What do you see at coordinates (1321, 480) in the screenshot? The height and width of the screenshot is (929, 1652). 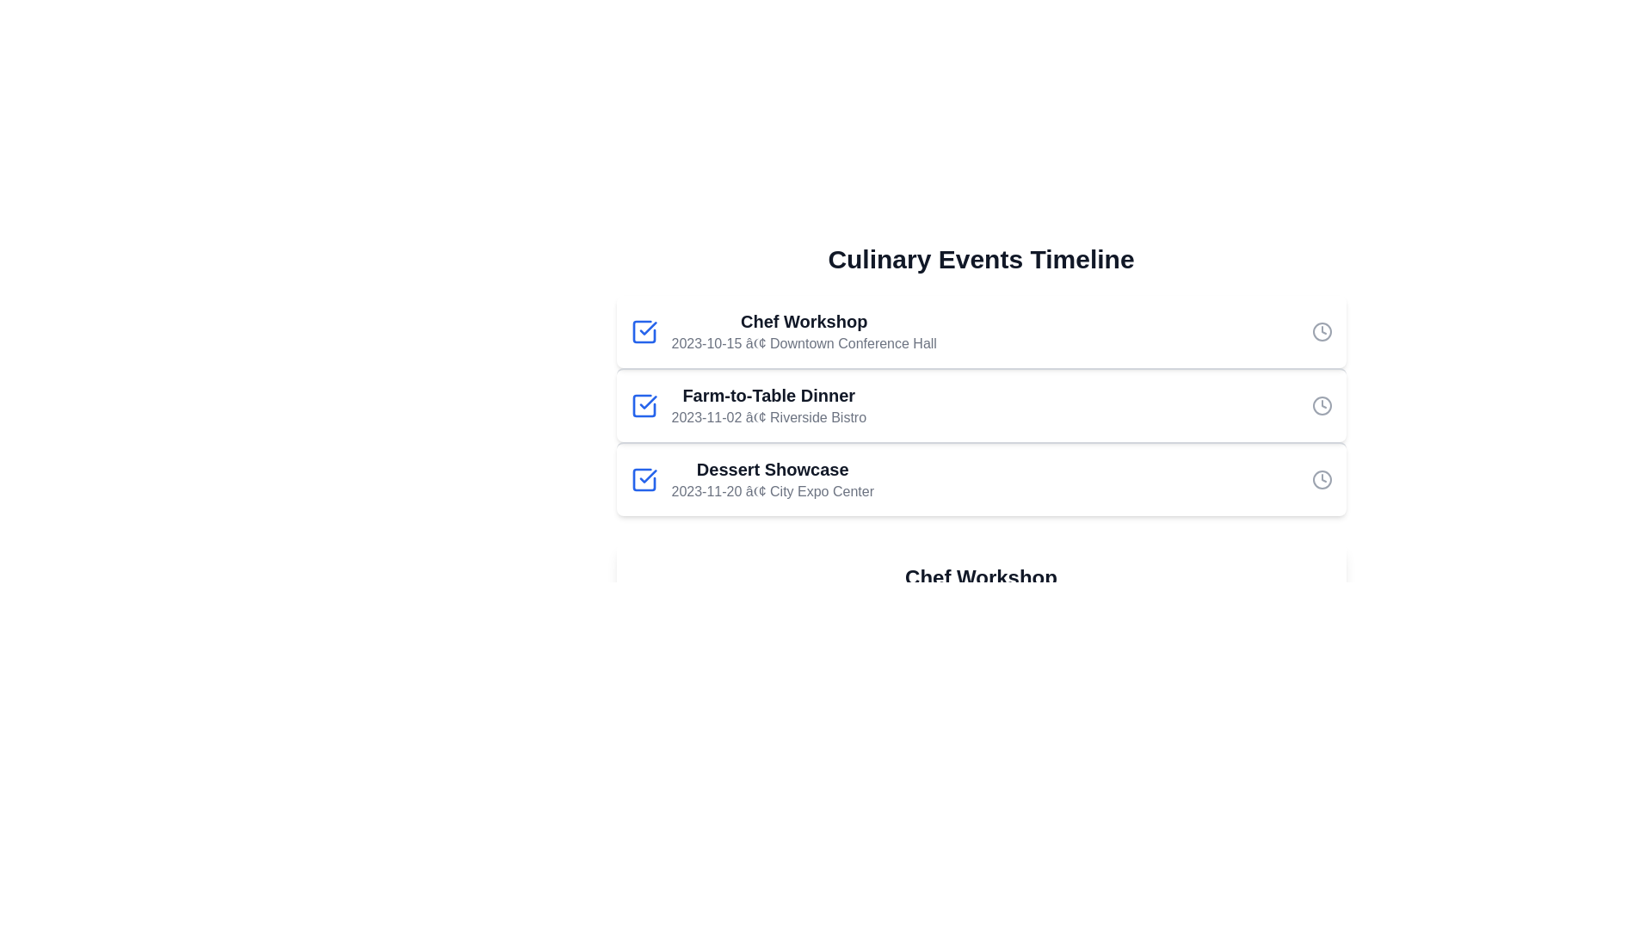 I see `circular dial of the clock icon, which is located at the far right of the 'Dessert Showcase' event entry in the timeline, by clicking on it` at bounding box center [1321, 480].